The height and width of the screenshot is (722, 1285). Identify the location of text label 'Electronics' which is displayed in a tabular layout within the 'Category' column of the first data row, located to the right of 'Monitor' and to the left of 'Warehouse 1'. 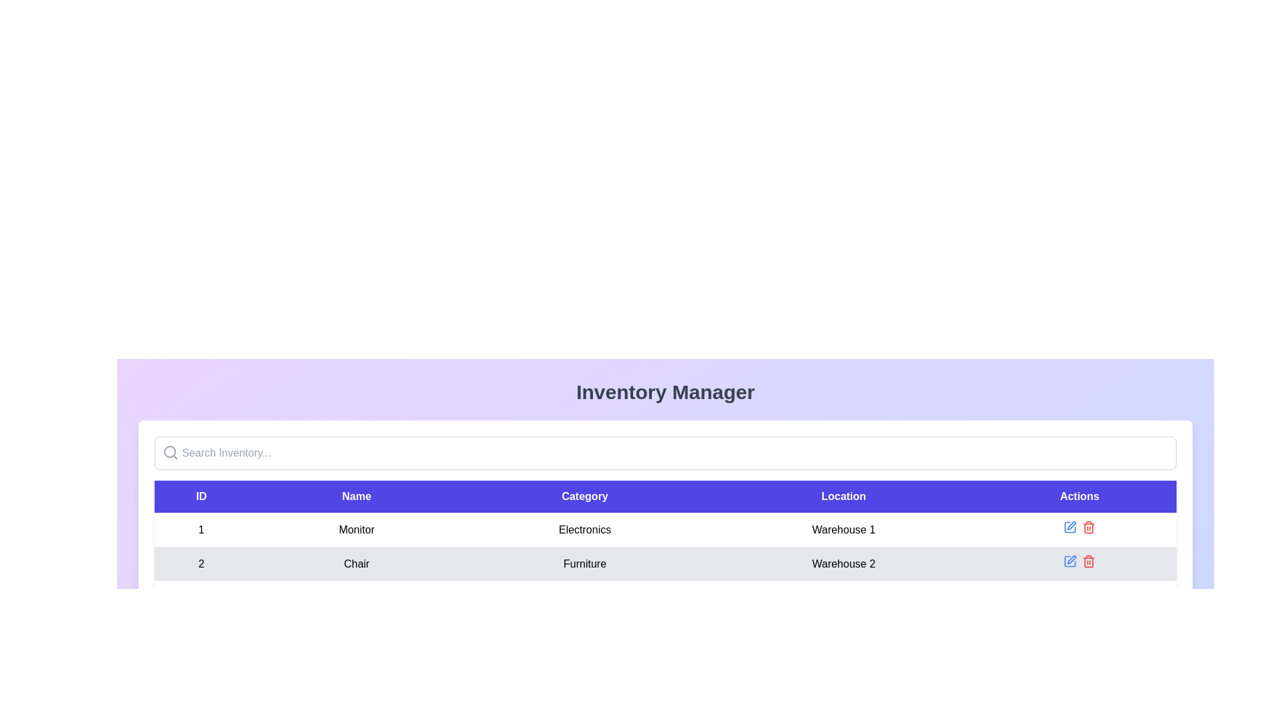
(585, 529).